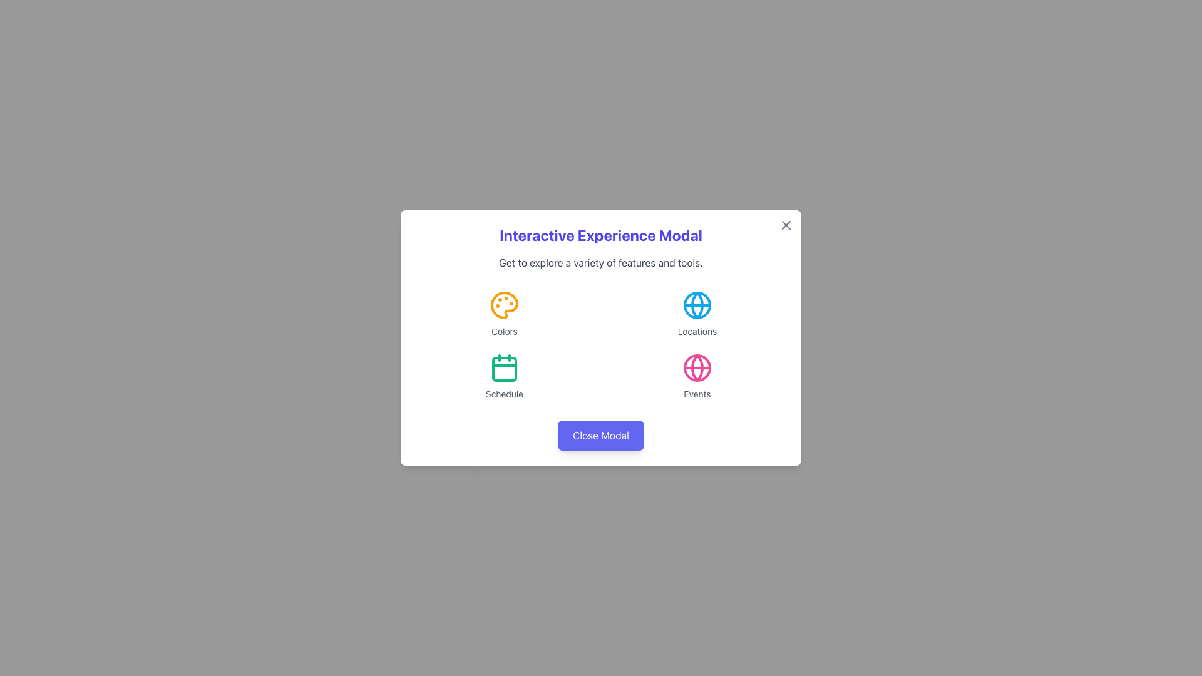  Describe the element at coordinates (505, 393) in the screenshot. I see `the static text label displaying 'Schedule' in a small gray font, located below the calendar icon in the bottom-left quadrant of the modal window` at that location.